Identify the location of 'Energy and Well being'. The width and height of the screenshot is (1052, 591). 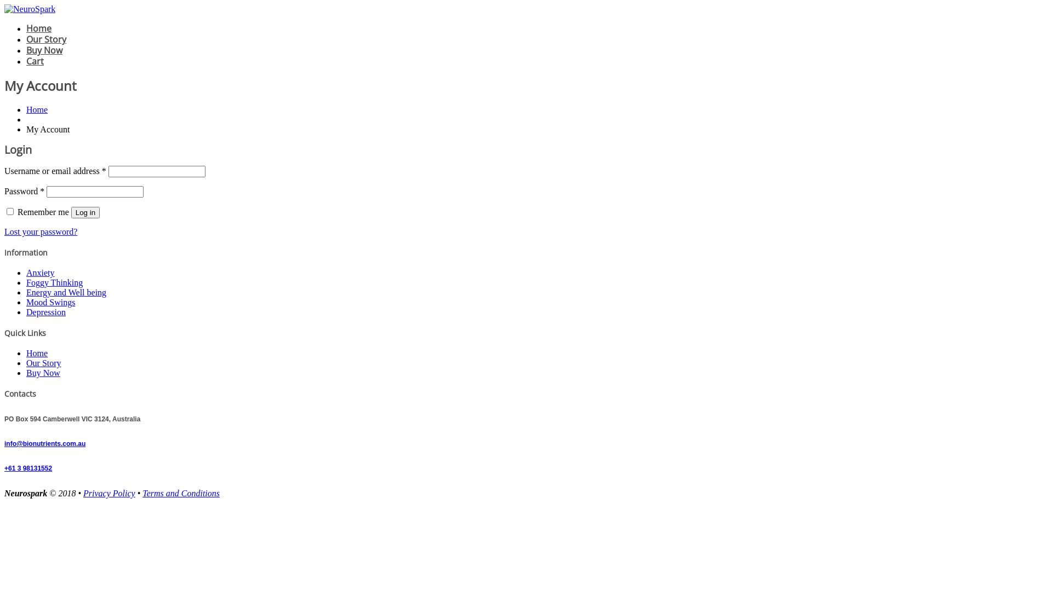
(65, 292).